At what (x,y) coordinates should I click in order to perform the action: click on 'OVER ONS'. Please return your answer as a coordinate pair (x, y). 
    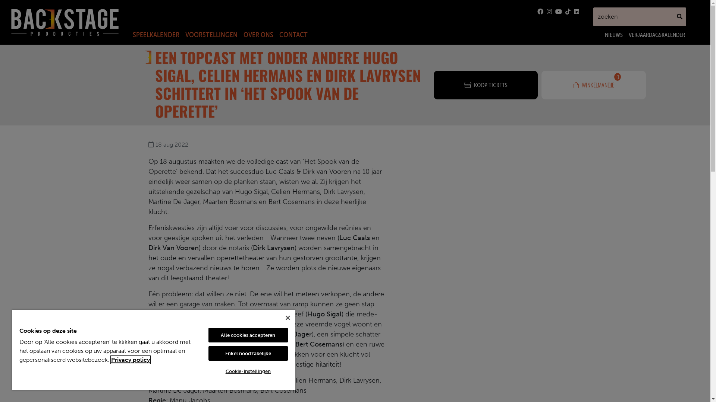
    Looking at the image, I should click on (258, 34).